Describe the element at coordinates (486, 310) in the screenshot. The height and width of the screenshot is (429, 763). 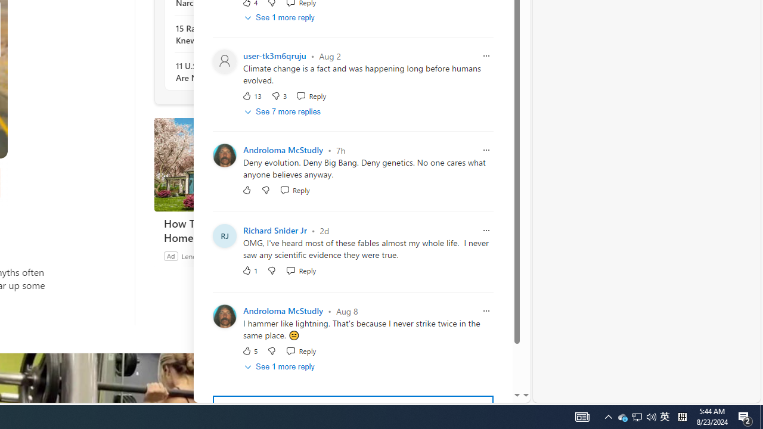
I see `'Report comment'` at that location.